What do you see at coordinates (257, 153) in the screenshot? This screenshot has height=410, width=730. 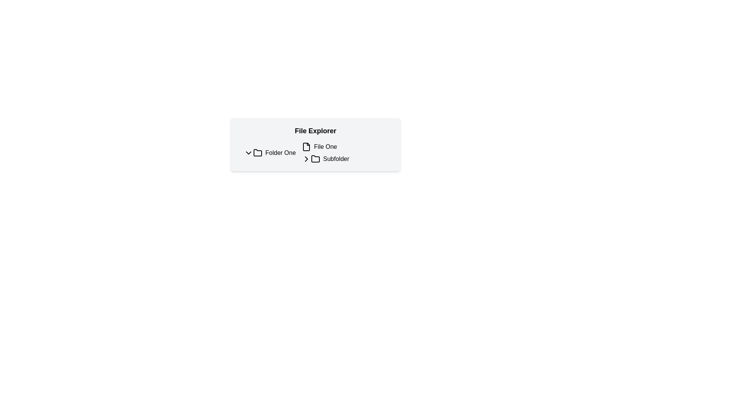 I see `the folder icon associated with the text label 'Folder One' in the File Explorer interface` at bounding box center [257, 153].